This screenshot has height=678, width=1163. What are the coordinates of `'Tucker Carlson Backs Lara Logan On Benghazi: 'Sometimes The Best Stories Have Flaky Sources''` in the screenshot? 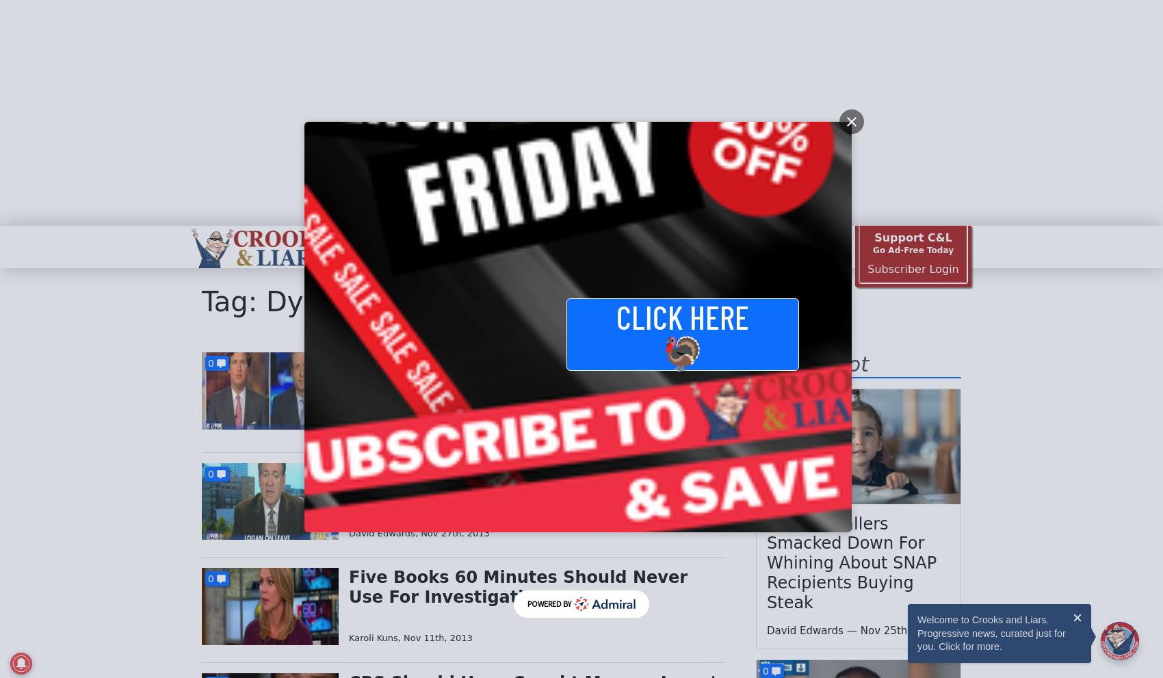 It's located at (530, 380).